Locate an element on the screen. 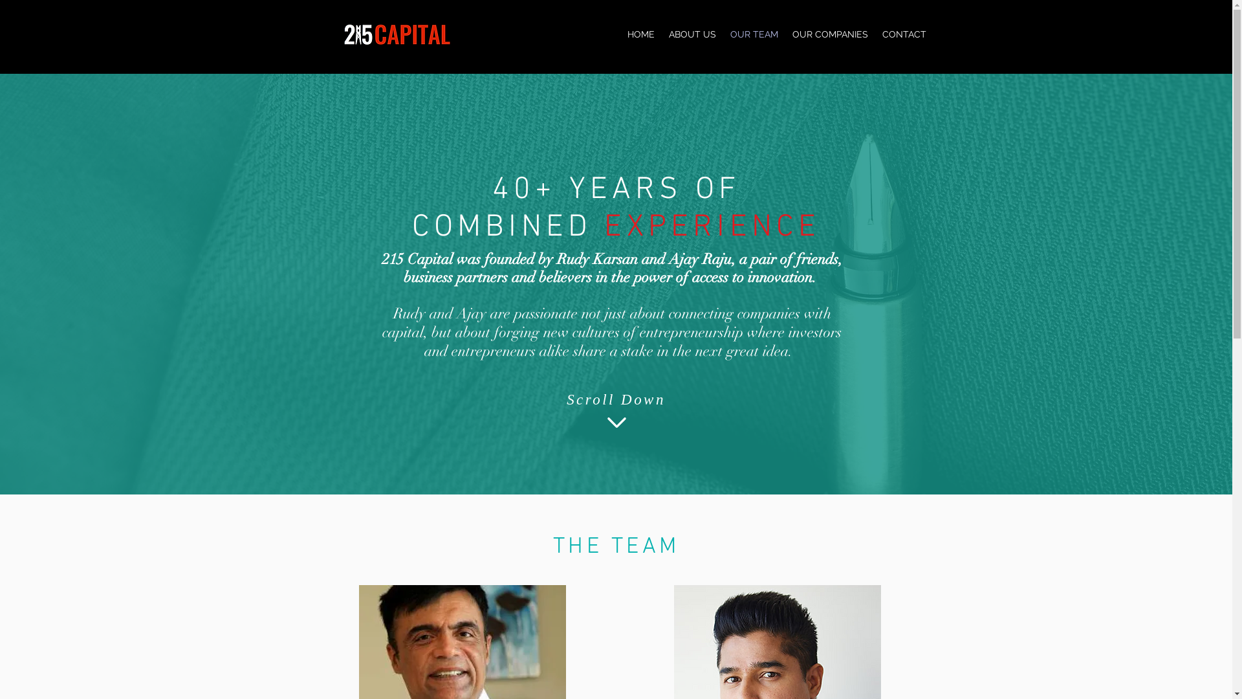 Image resolution: width=1242 pixels, height=699 pixels. 'Capital | Philadelphia' is located at coordinates (863, 49).